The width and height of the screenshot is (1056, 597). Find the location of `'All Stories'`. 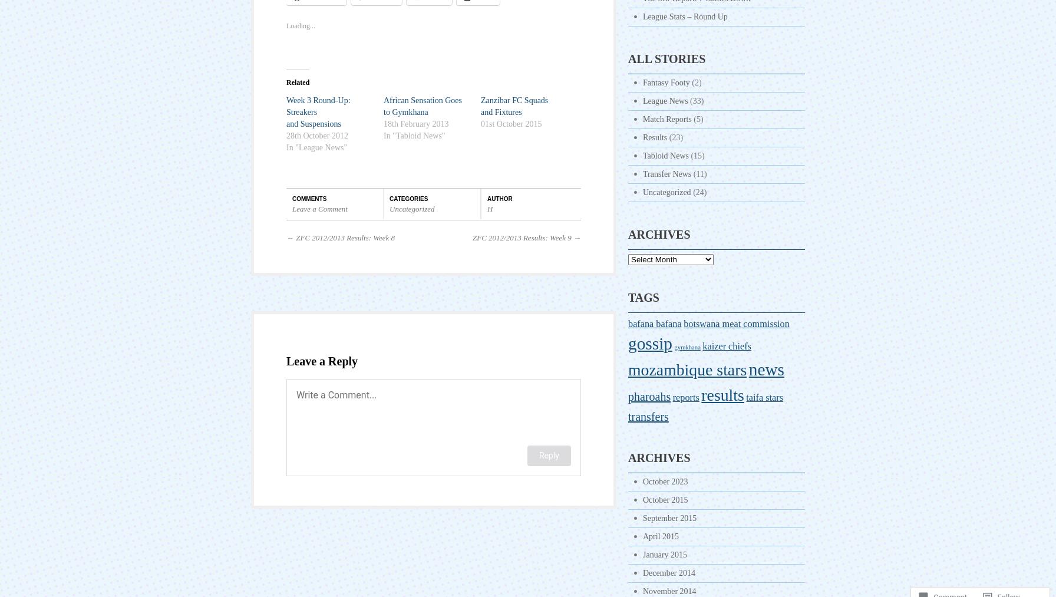

'All Stories' is located at coordinates (666, 58).